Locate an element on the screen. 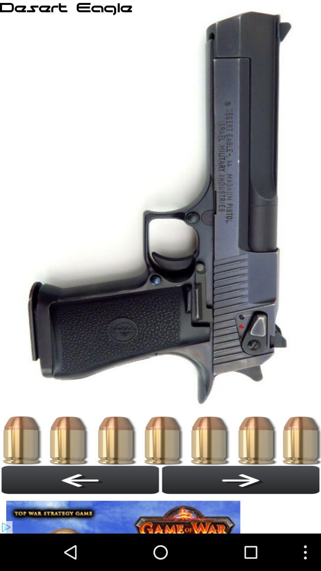 The image size is (321, 571). go back is located at coordinates (80, 480).